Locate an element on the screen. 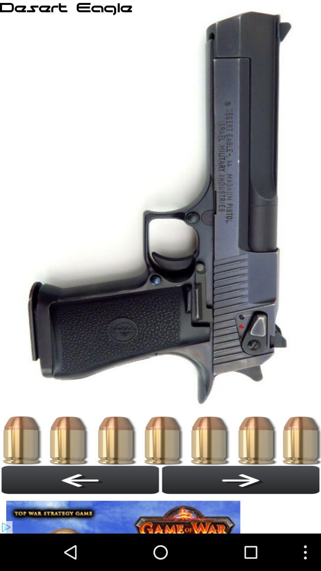 The image size is (321, 571). go back is located at coordinates (80, 480).